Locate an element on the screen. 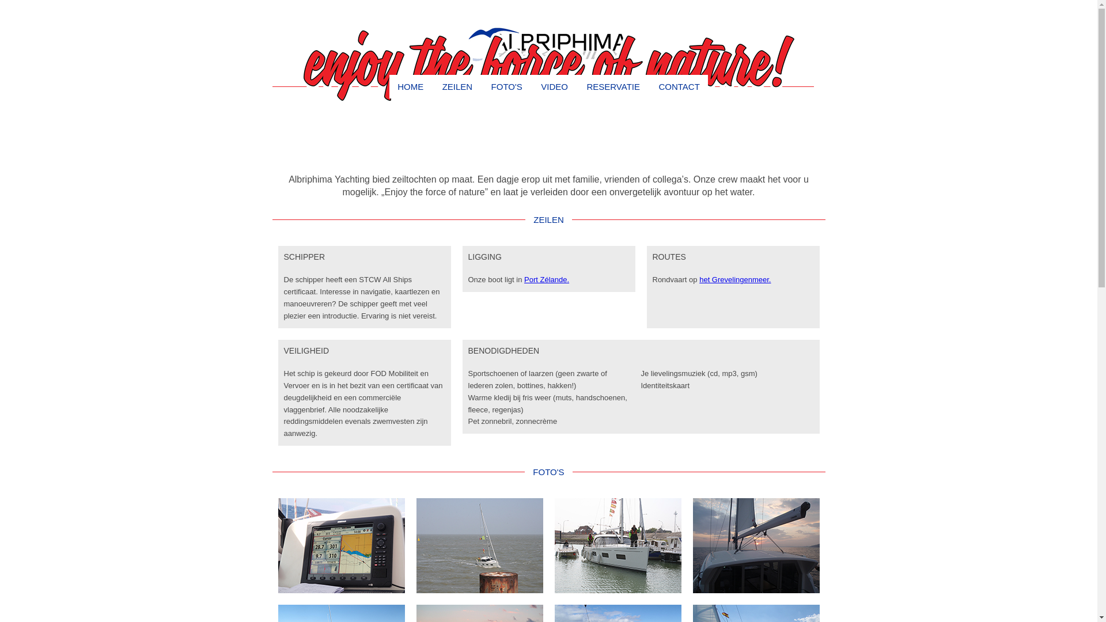  'het Grevelingenmeer.' is located at coordinates (734, 279).